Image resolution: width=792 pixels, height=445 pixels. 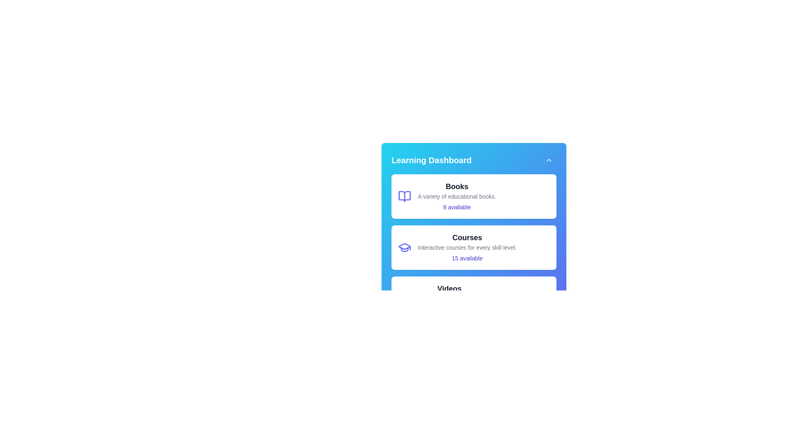 What do you see at coordinates (474, 299) in the screenshot?
I see `the category Videos from the list` at bounding box center [474, 299].